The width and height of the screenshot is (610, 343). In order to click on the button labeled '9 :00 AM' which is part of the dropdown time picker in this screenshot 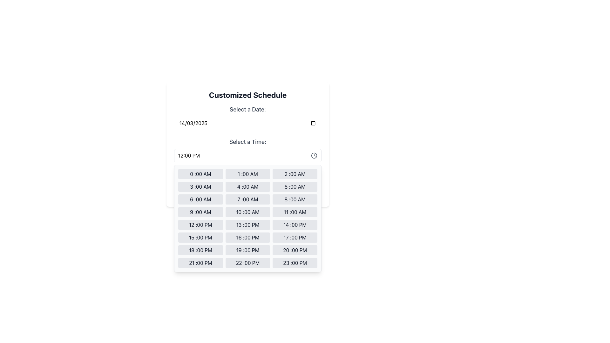, I will do `click(200, 212)`.